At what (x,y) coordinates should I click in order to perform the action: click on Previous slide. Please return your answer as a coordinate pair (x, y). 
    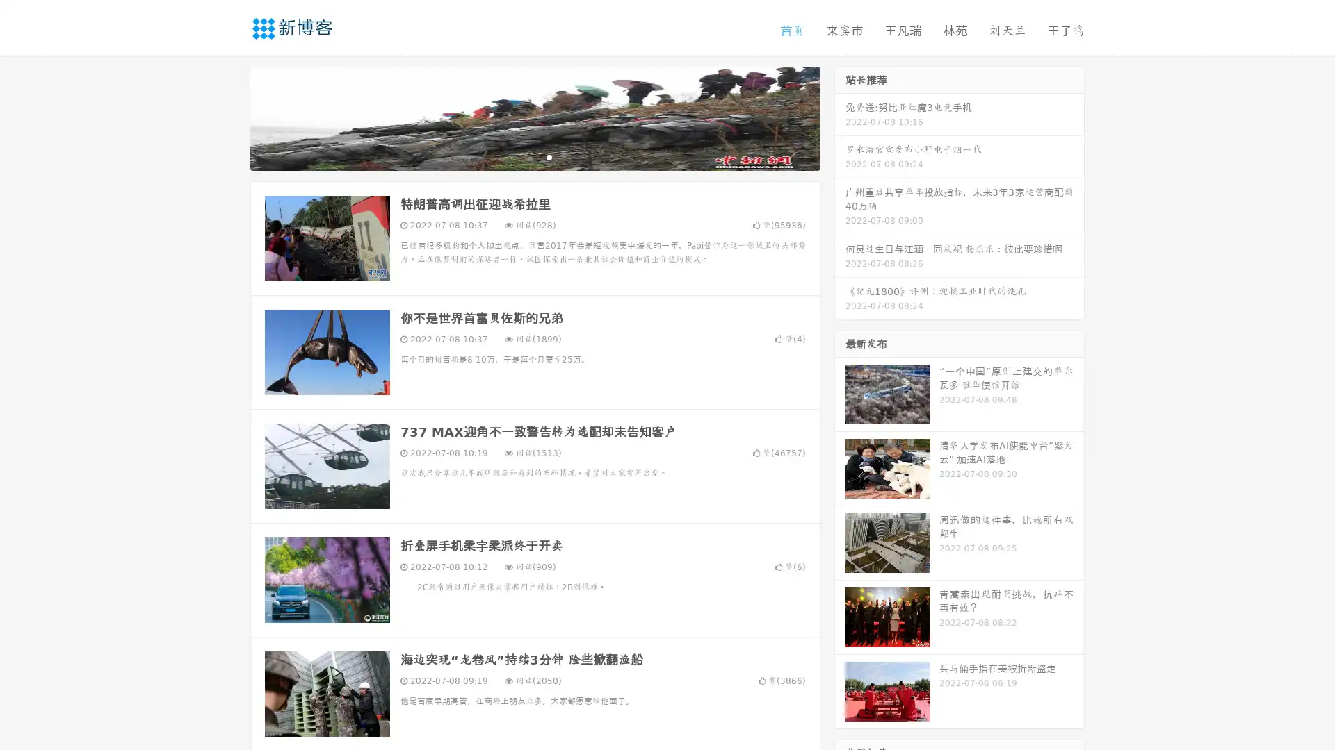
    Looking at the image, I should click on (229, 117).